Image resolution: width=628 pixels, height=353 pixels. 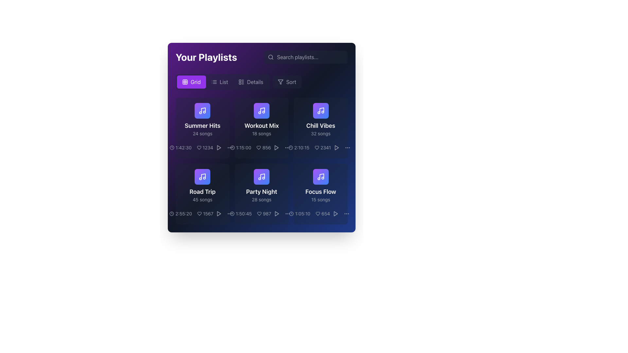 What do you see at coordinates (321, 147) in the screenshot?
I see `value displayed on the static text label indicating the number of likes or favorites for the 'Chill Vibes' playlist, located between the gray heart icon and the play button icon` at bounding box center [321, 147].